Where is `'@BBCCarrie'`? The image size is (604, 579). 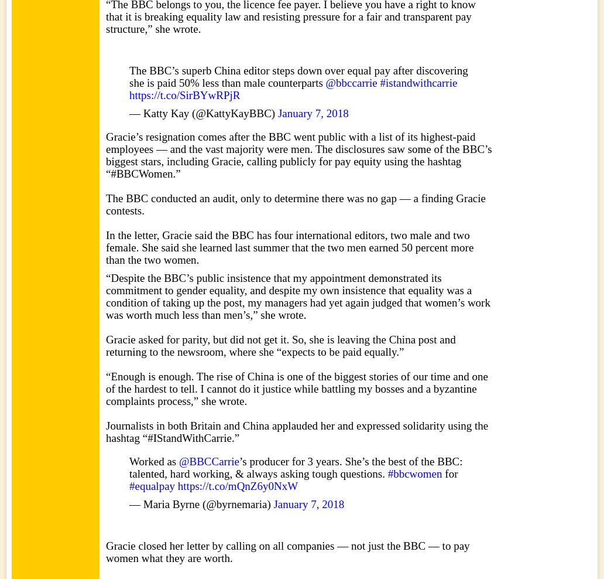 '@BBCCarrie' is located at coordinates (179, 461).